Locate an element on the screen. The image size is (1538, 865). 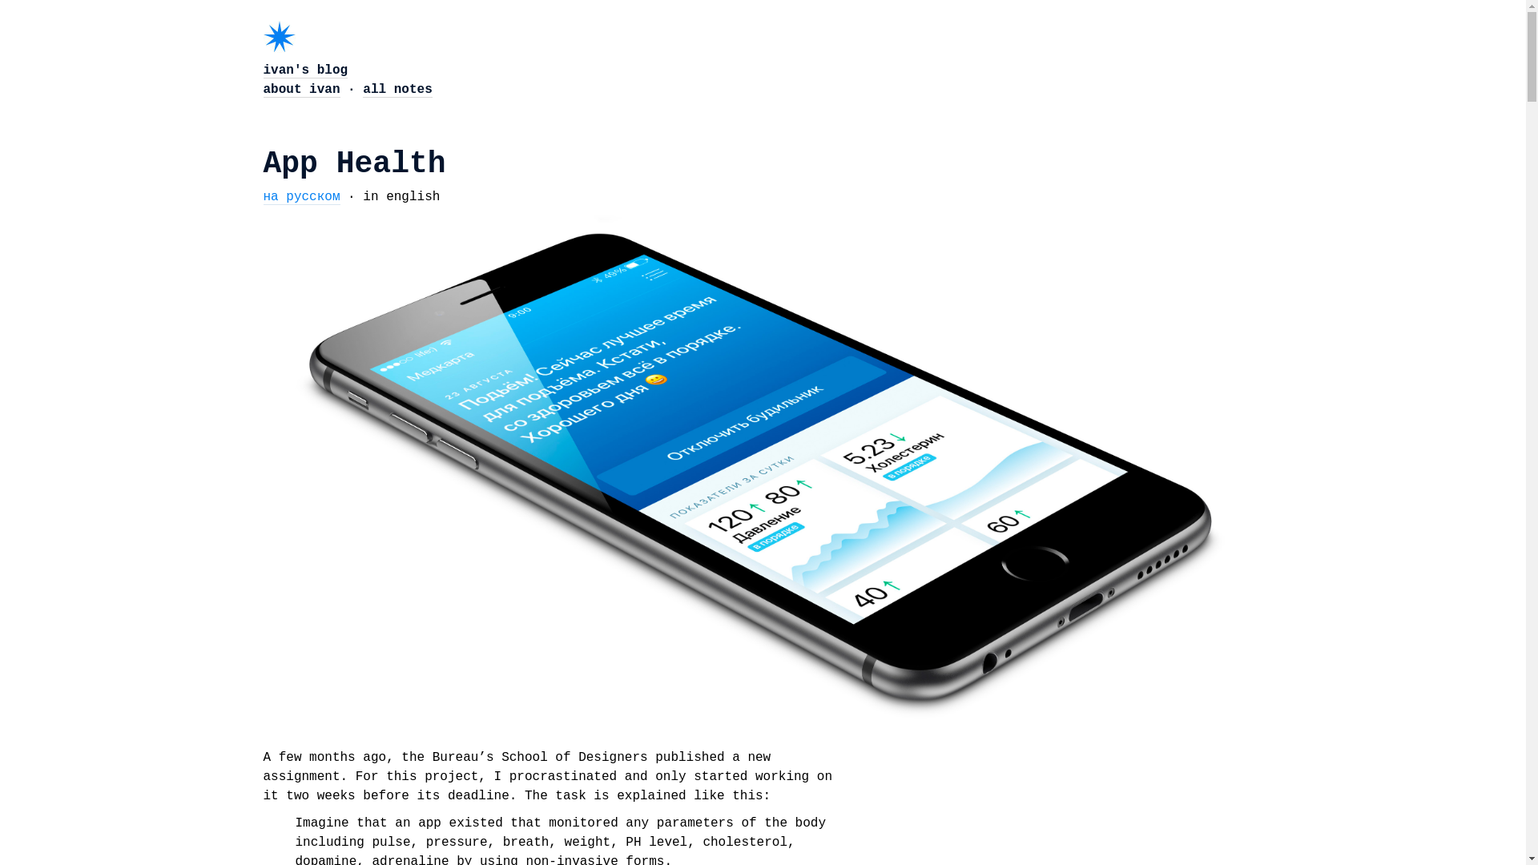
'all notes' is located at coordinates (397, 90).